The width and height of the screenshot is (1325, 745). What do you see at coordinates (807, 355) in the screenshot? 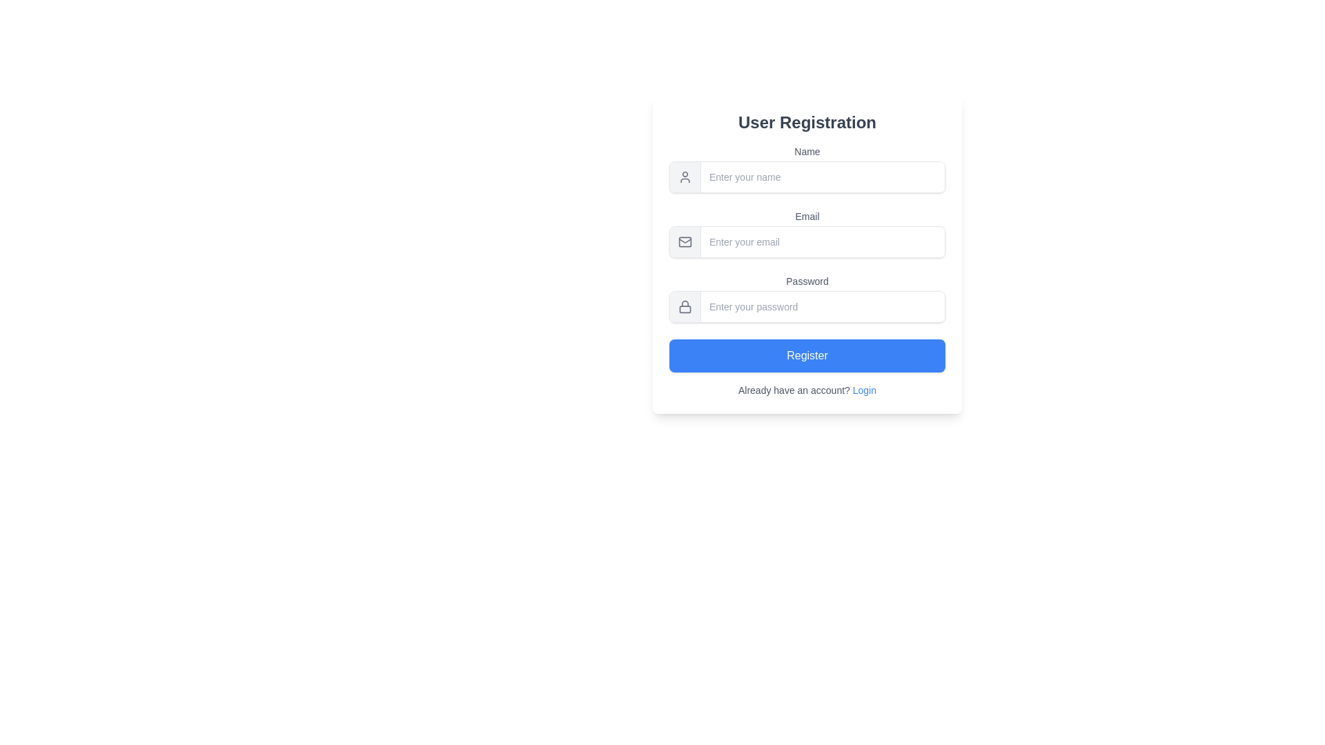
I see `the submission button located at the bottom of the user registration form` at bounding box center [807, 355].